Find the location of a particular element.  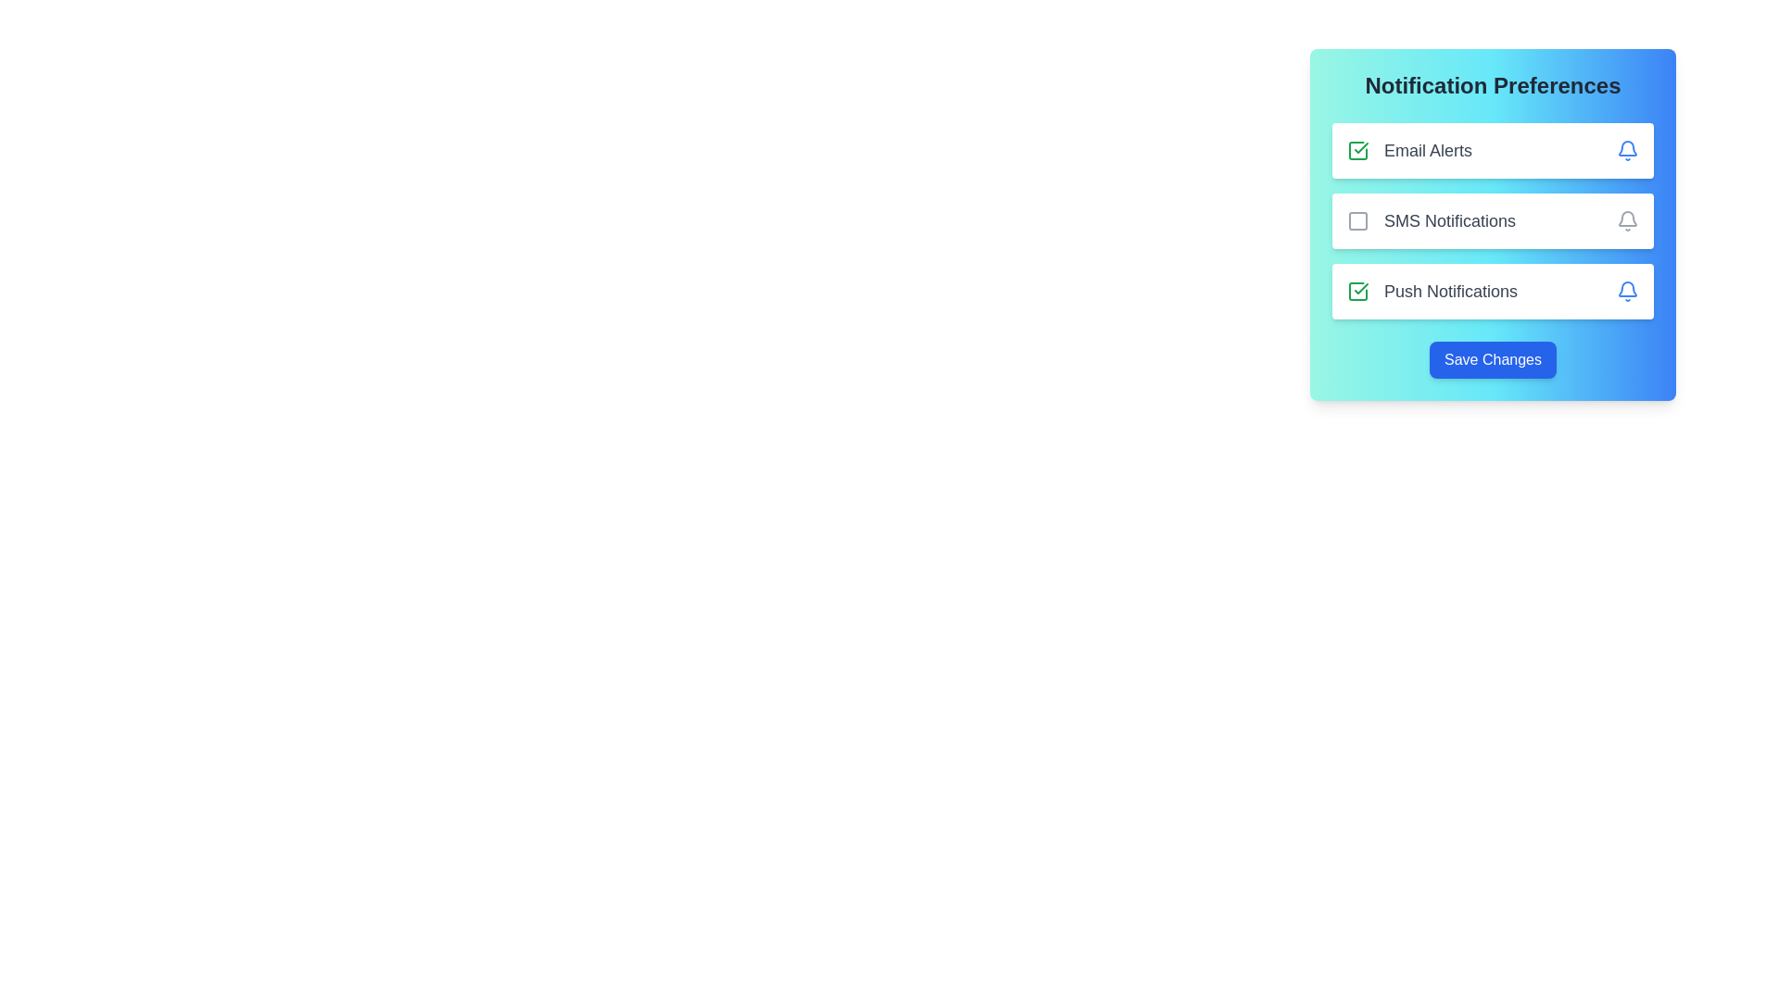

the checkbox of the 'SMS Notifications' toggleable notification preference item is located at coordinates (1493, 220).